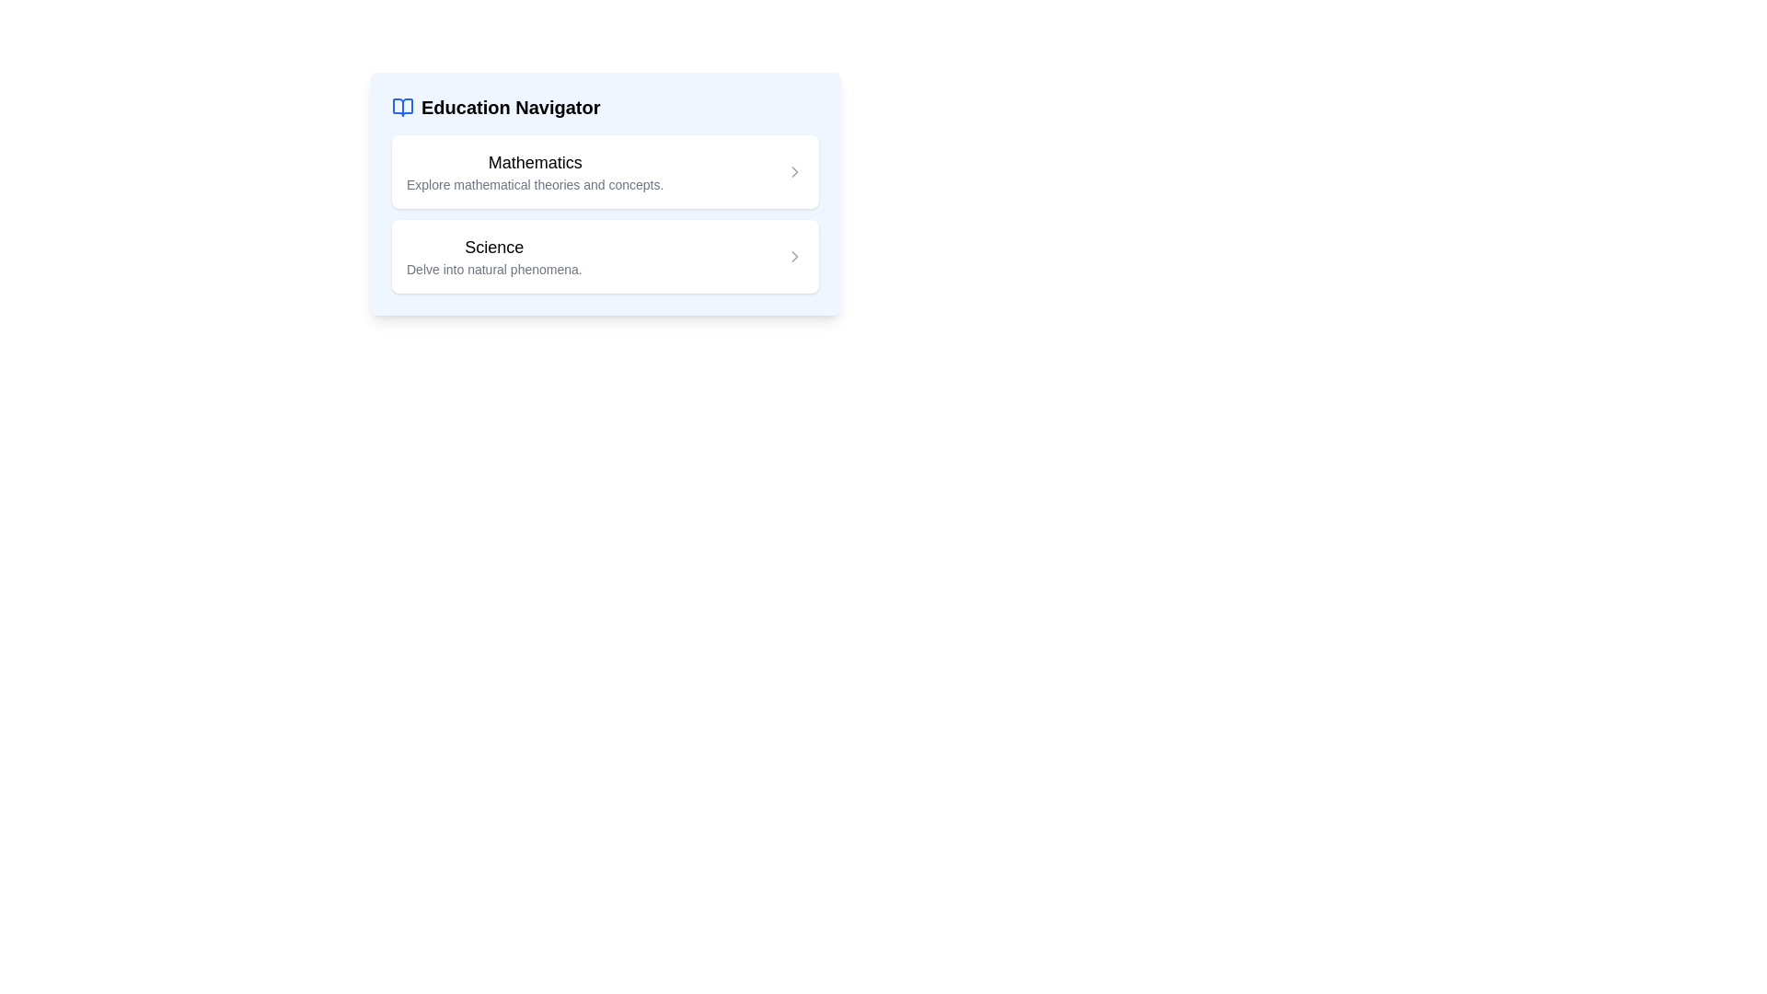 The image size is (1767, 994). What do you see at coordinates (511, 107) in the screenshot?
I see `the 'Education Navigator' text label element, which is a bold, extra-large font label positioned to the right of a small open book icon within a light blue card layout` at bounding box center [511, 107].